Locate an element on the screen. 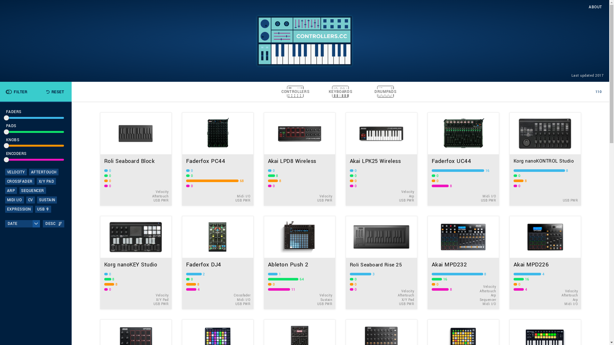 Image resolution: width=614 pixels, height=345 pixels. 'VELOCITY' is located at coordinates (5, 172).